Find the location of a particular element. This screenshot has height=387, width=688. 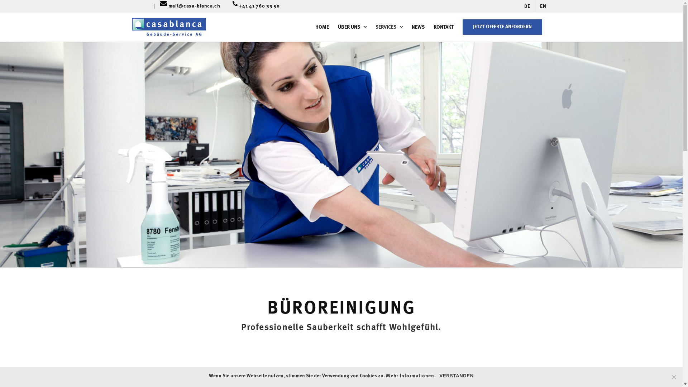

'SERVICES' is located at coordinates (388, 27).